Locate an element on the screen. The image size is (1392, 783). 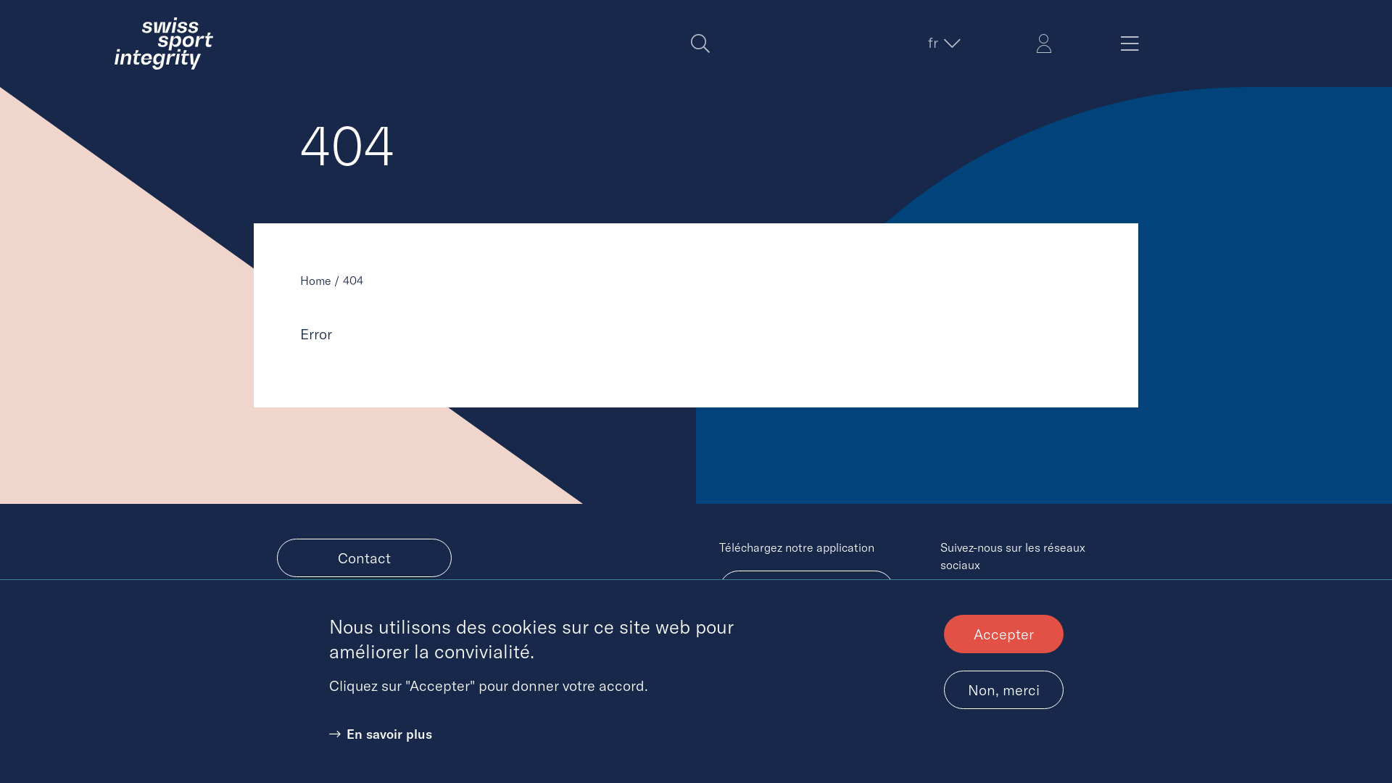
'Non, merci' is located at coordinates (943, 689).